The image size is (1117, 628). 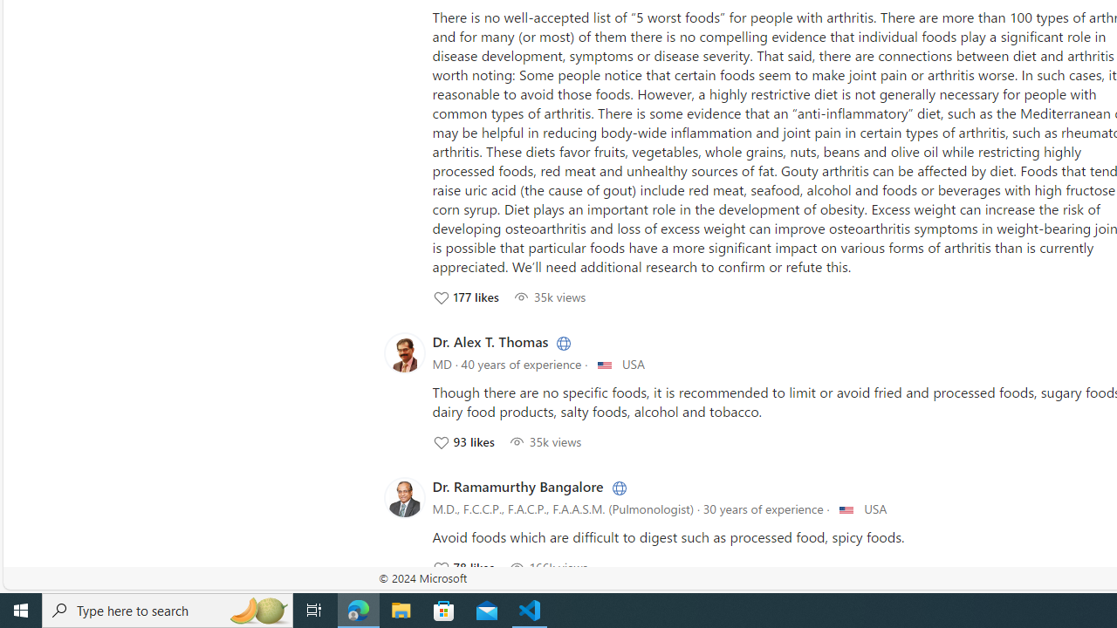 What do you see at coordinates (465, 296) in the screenshot?
I see `'177 Like; Click to Like'` at bounding box center [465, 296].